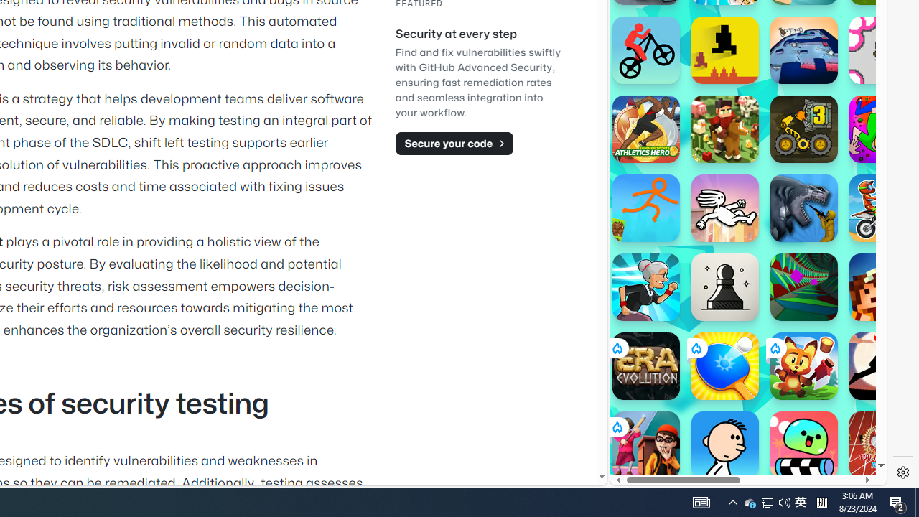  What do you see at coordinates (645, 365) in the screenshot?
I see `'Era: Evolution Era: Evolution'` at bounding box center [645, 365].